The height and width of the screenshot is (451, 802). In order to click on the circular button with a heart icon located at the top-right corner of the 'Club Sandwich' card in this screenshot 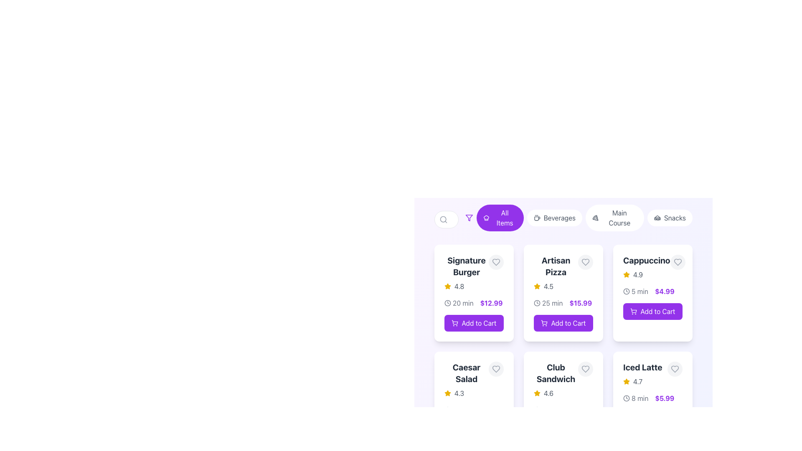, I will do `click(585, 368)`.